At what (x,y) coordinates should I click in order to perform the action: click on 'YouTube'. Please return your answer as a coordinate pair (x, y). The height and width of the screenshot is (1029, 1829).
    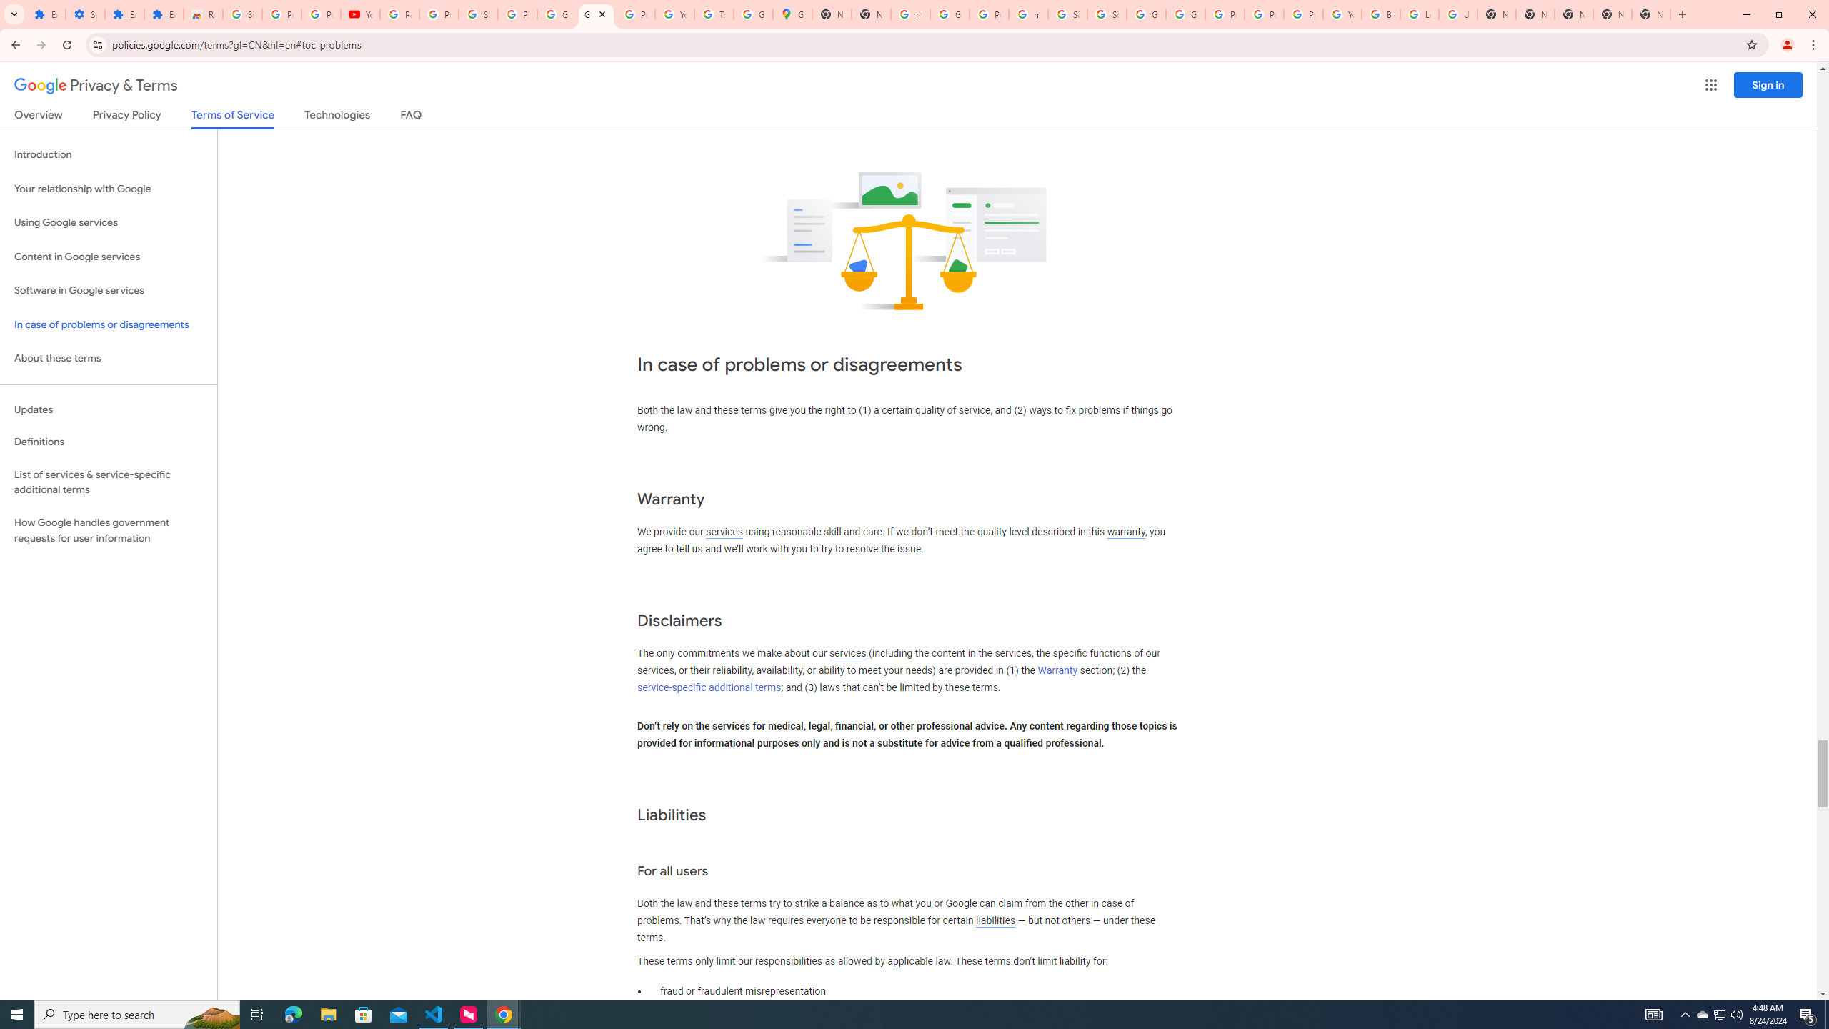
    Looking at the image, I should click on (1342, 14).